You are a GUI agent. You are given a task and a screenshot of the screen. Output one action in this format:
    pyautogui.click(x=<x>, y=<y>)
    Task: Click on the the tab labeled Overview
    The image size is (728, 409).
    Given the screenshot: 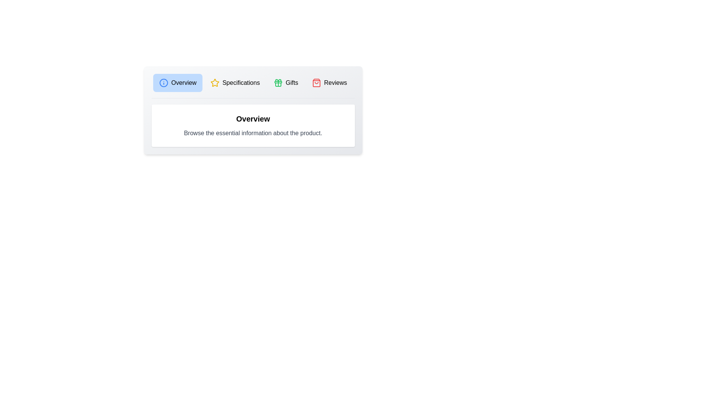 What is the action you would take?
    pyautogui.click(x=177, y=83)
    